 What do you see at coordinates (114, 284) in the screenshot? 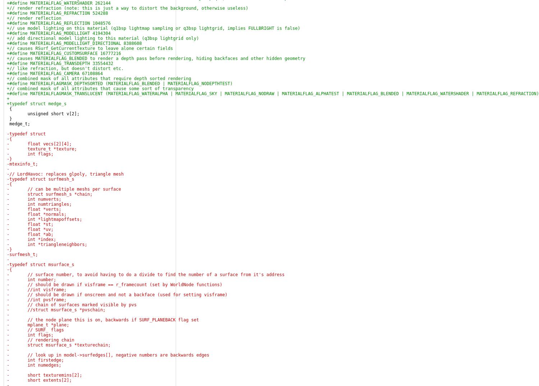
I see `'-       // should be drawn if visframe == r_framecount (set by WorldNode functions)'` at bounding box center [114, 284].